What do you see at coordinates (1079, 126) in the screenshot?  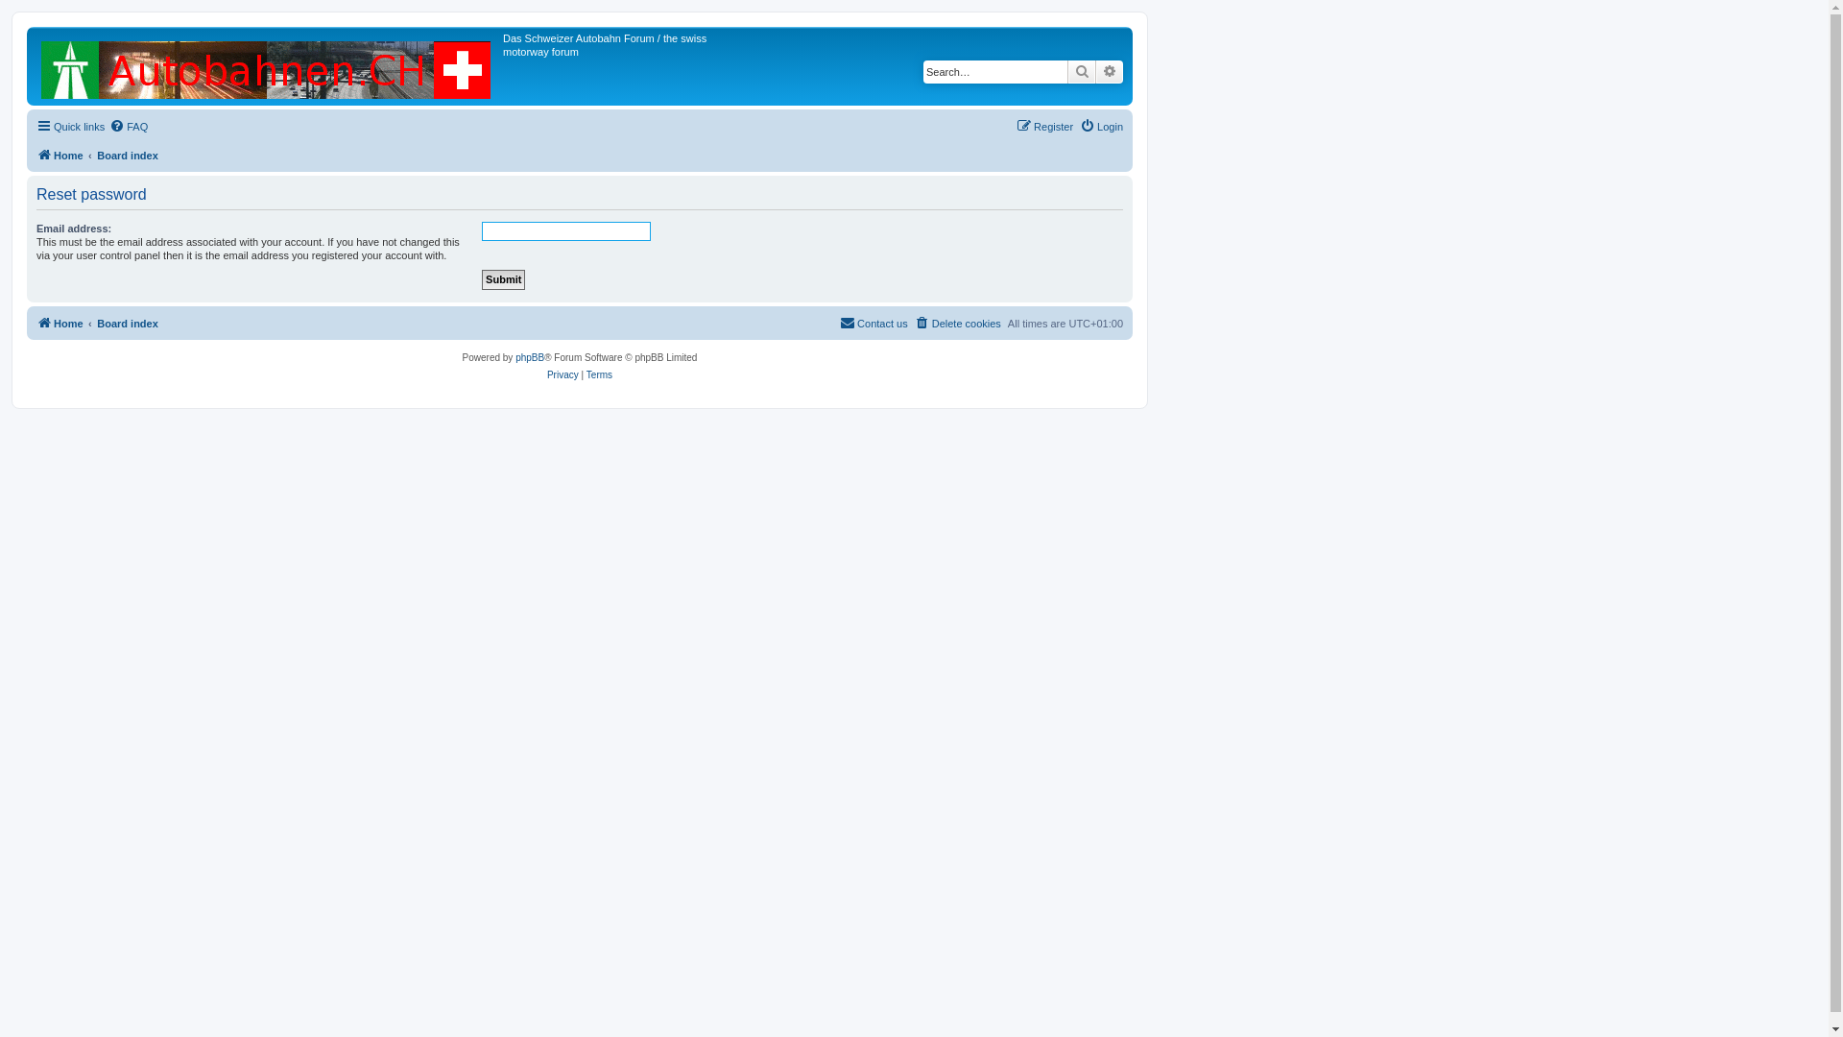 I see `'Login'` at bounding box center [1079, 126].